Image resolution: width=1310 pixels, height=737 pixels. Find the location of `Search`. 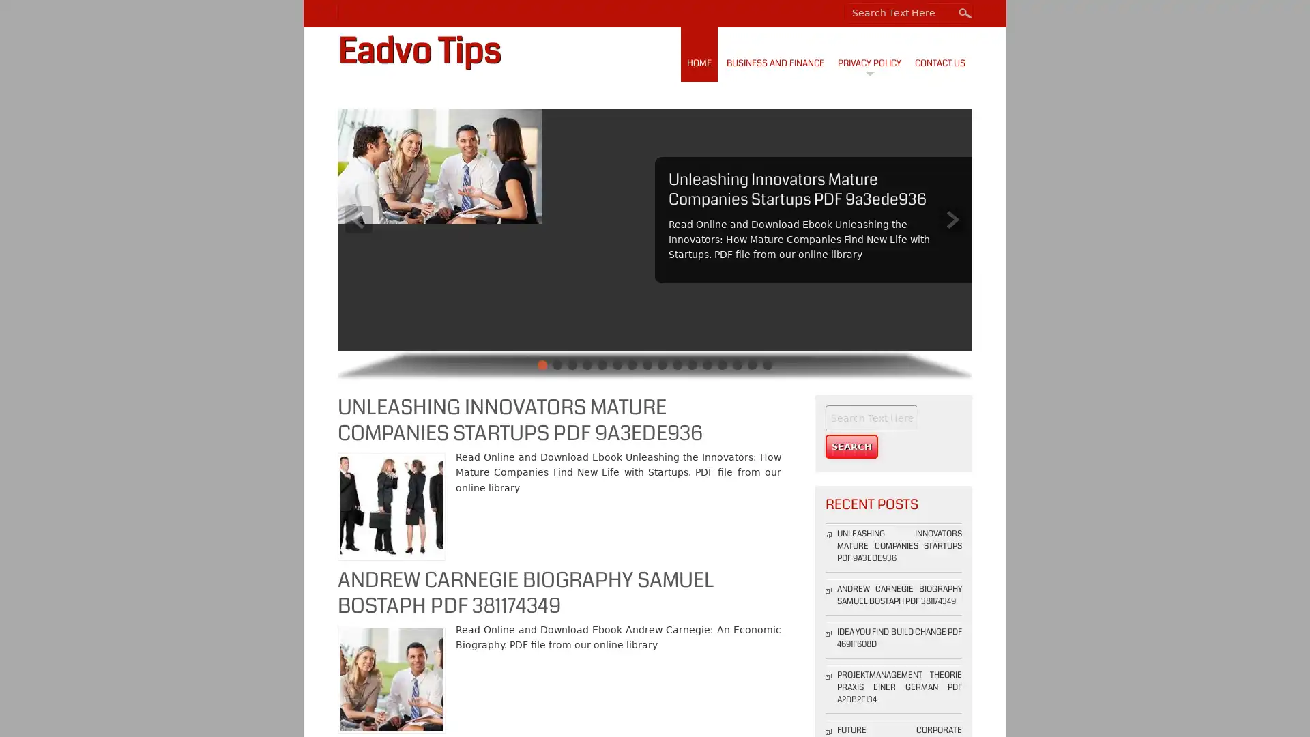

Search is located at coordinates (851, 446).